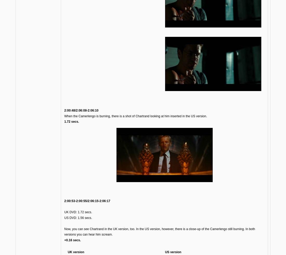 This screenshot has height=255, width=286. What do you see at coordinates (159, 231) in the screenshot?
I see `'Now, you can see Chartrand in the UK version, too. In the US version, however, there is a close-up of the Camerlengo still burning. In both versions you can hear him scream.'` at bounding box center [159, 231].